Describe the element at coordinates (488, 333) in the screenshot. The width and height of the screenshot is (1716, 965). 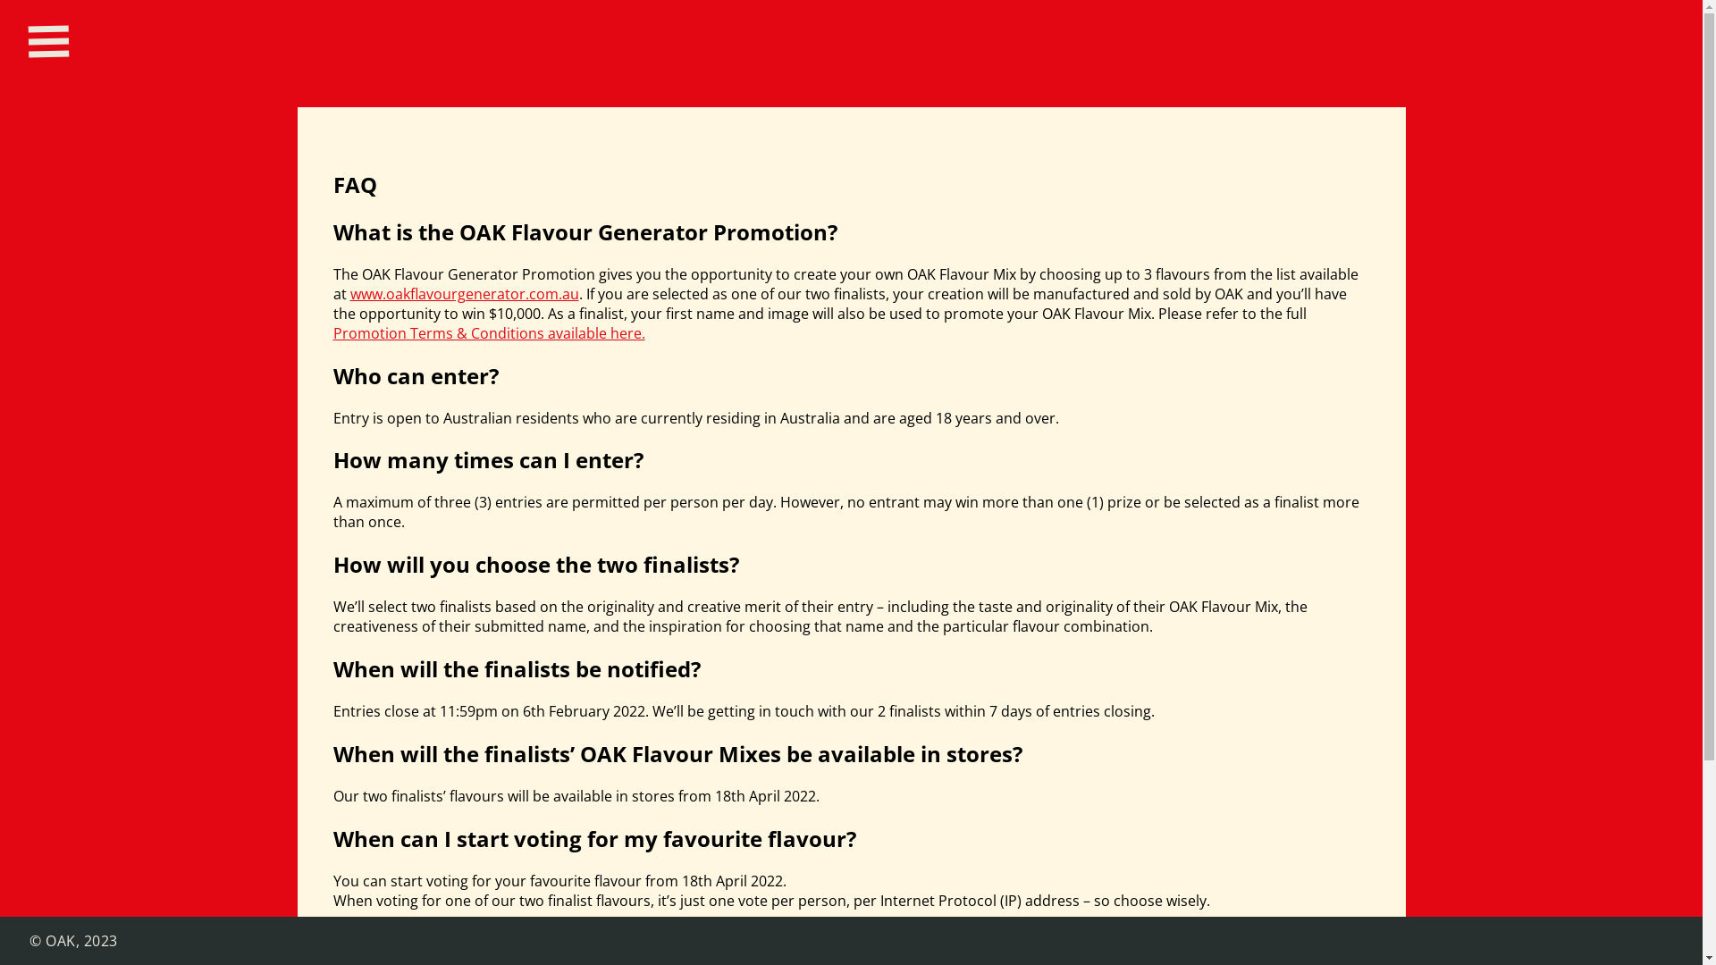
I see `'Promotion Terms & Conditions available here.'` at that location.